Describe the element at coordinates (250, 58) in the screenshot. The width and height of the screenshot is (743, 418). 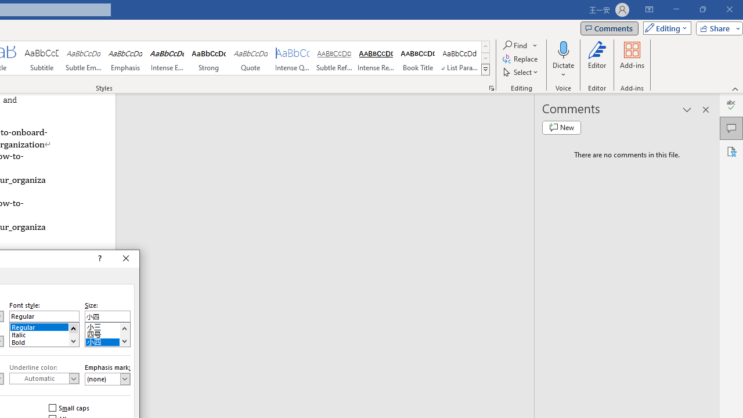
I see `'Quote'` at that location.